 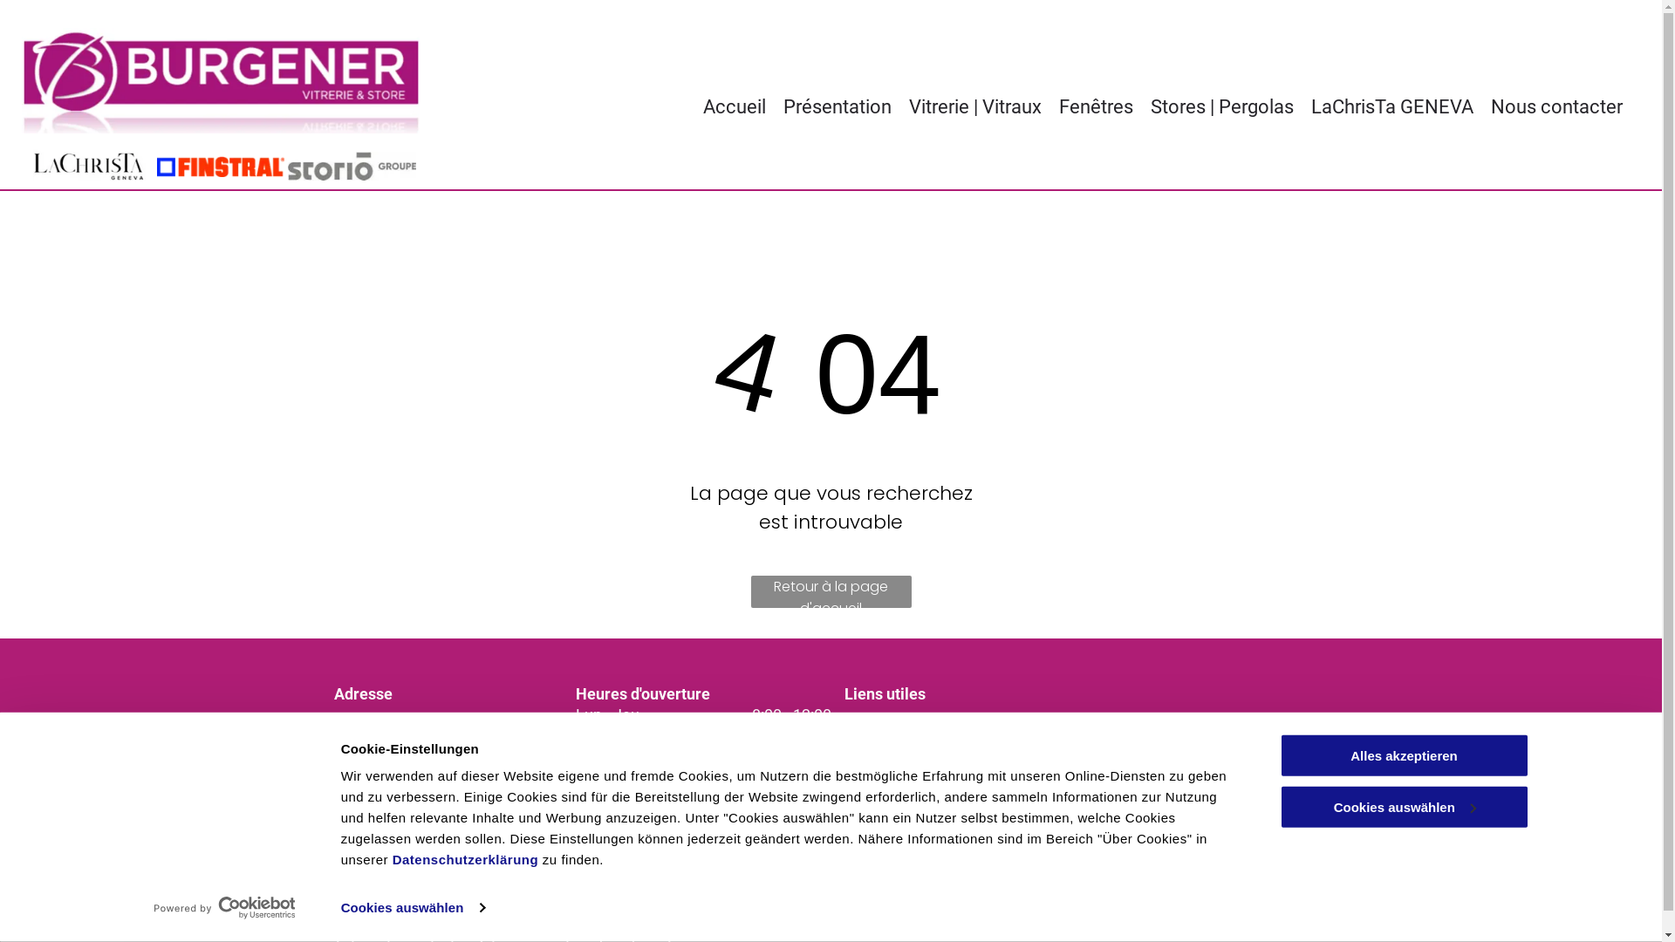 I want to click on 'Nous contacter', so click(x=1489, y=106).